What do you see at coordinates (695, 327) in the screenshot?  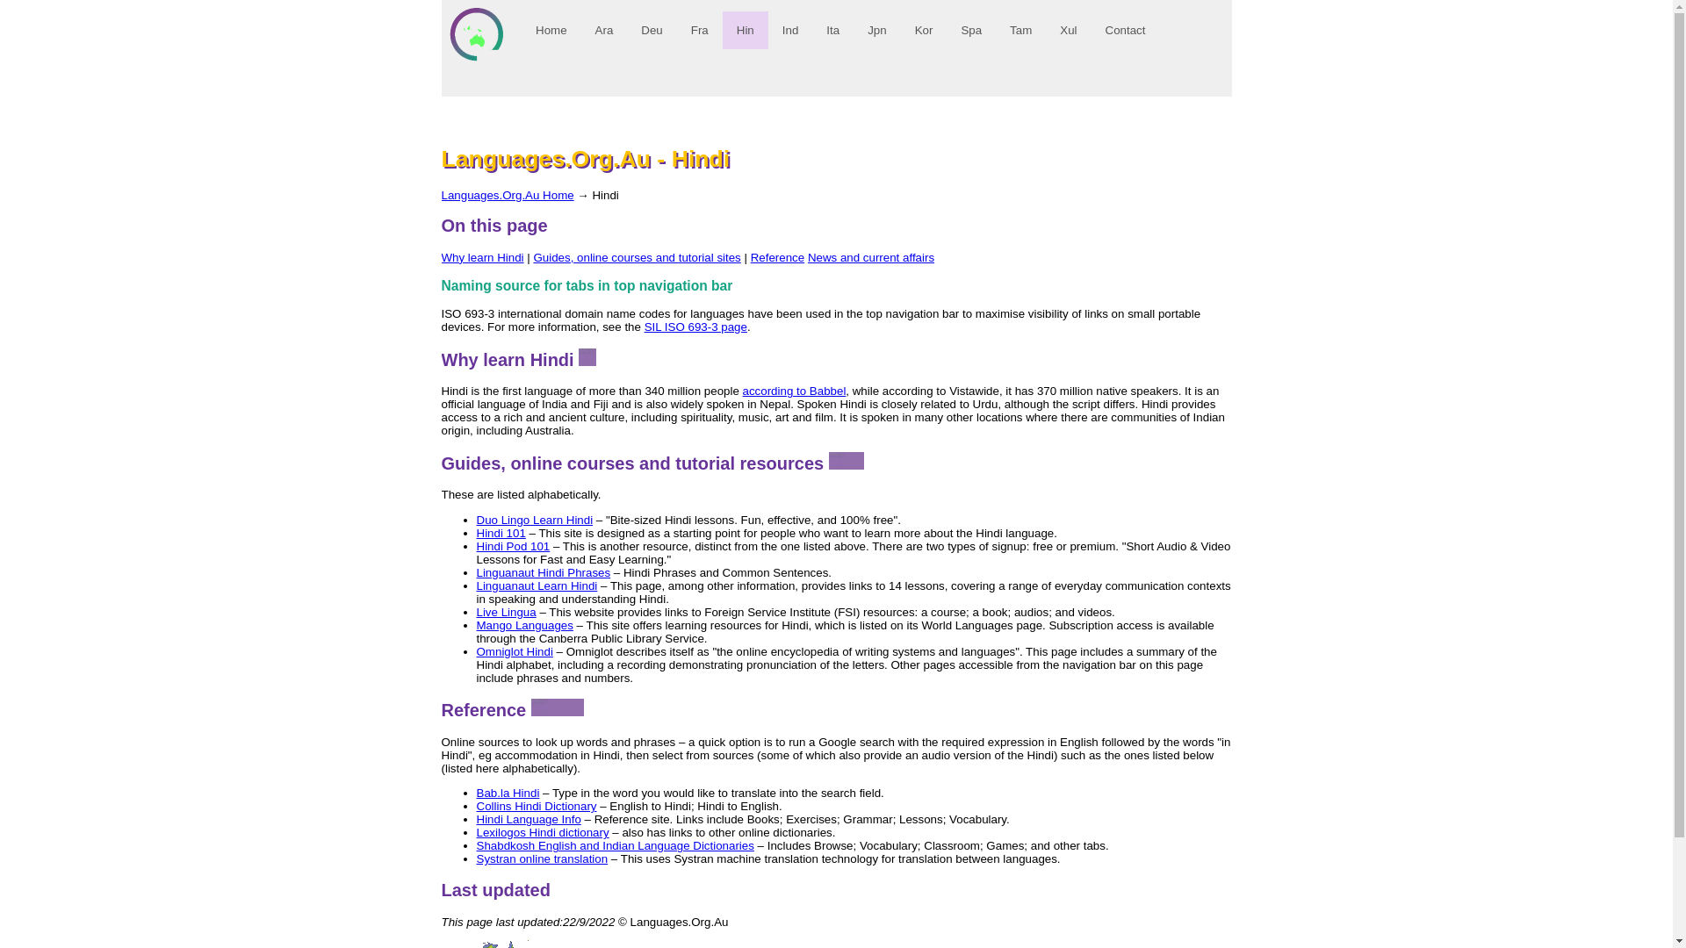 I see `'SIL ISO 693-3 page'` at bounding box center [695, 327].